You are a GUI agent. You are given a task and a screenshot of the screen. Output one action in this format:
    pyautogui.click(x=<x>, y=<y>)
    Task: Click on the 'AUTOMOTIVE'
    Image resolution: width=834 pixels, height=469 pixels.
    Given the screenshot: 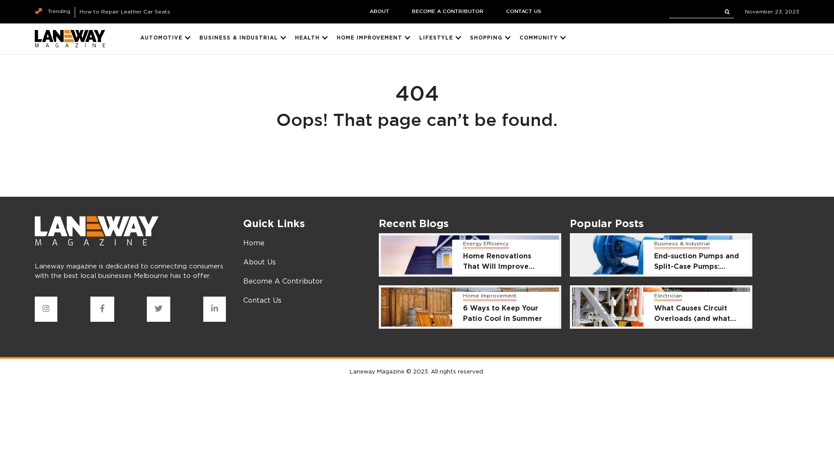 What is the action you would take?
    pyautogui.click(x=161, y=38)
    